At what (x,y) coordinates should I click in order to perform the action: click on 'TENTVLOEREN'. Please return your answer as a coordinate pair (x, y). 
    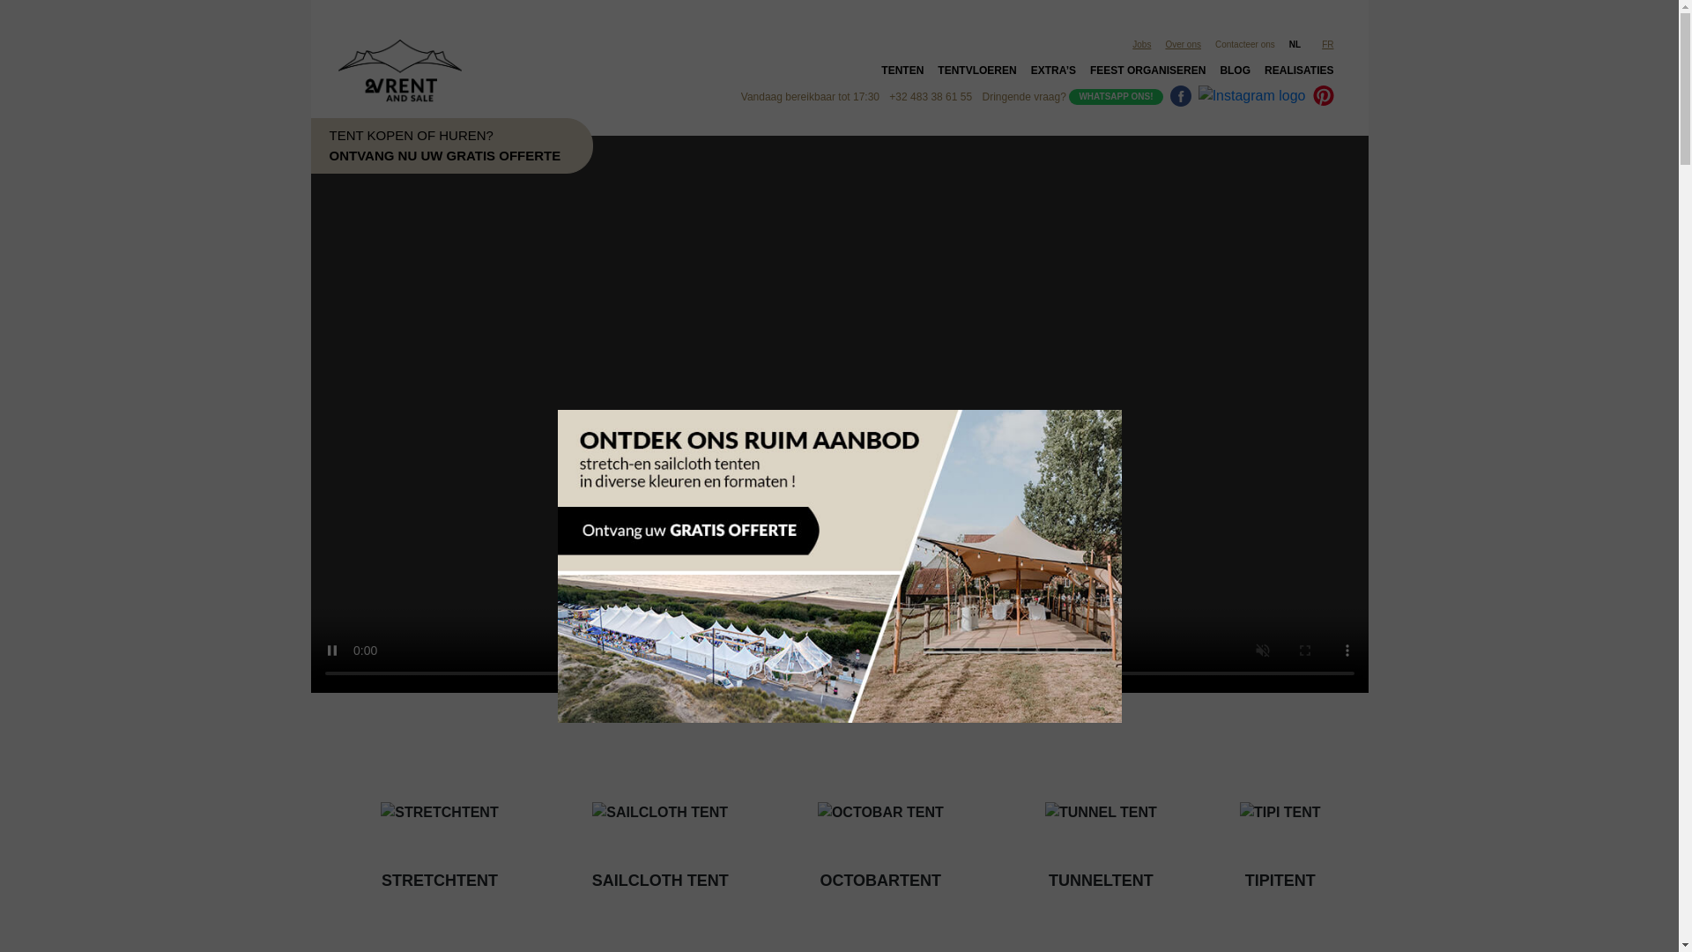
    Looking at the image, I should click on (930, 73).